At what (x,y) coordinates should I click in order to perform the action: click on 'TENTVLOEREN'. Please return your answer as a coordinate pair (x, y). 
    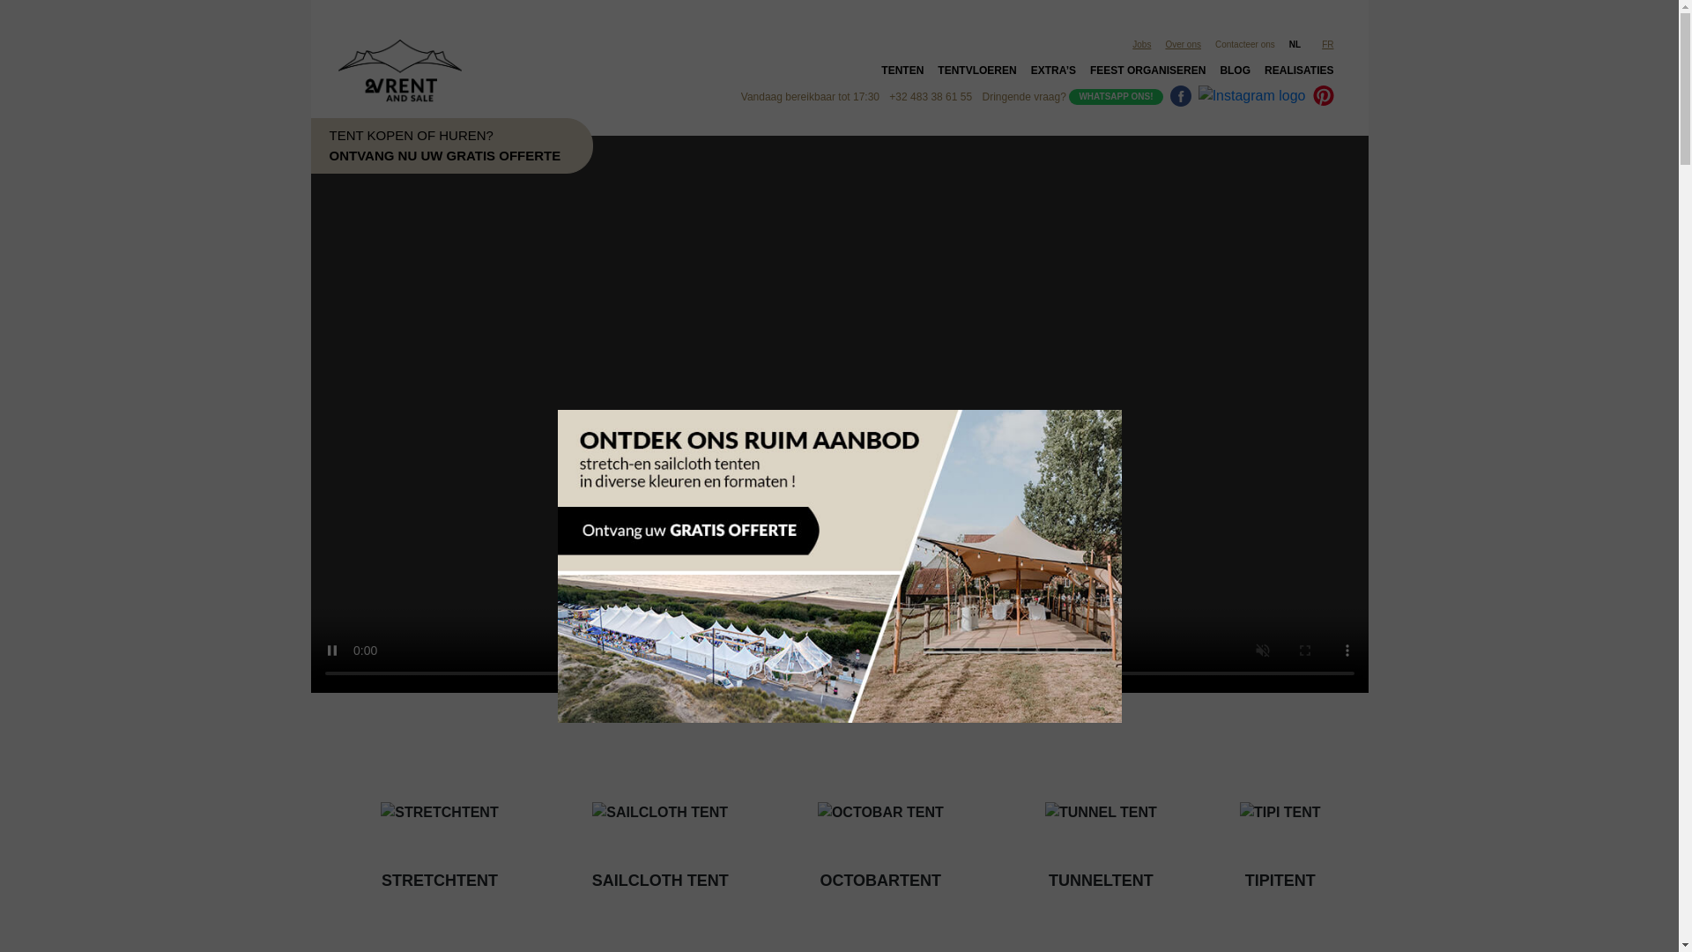
    Looking at the image, I should click on (930, 73).